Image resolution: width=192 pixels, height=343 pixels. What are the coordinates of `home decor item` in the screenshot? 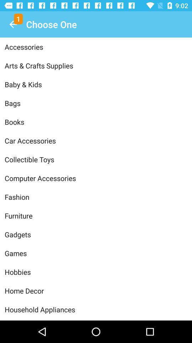 It's located at (96, 290).